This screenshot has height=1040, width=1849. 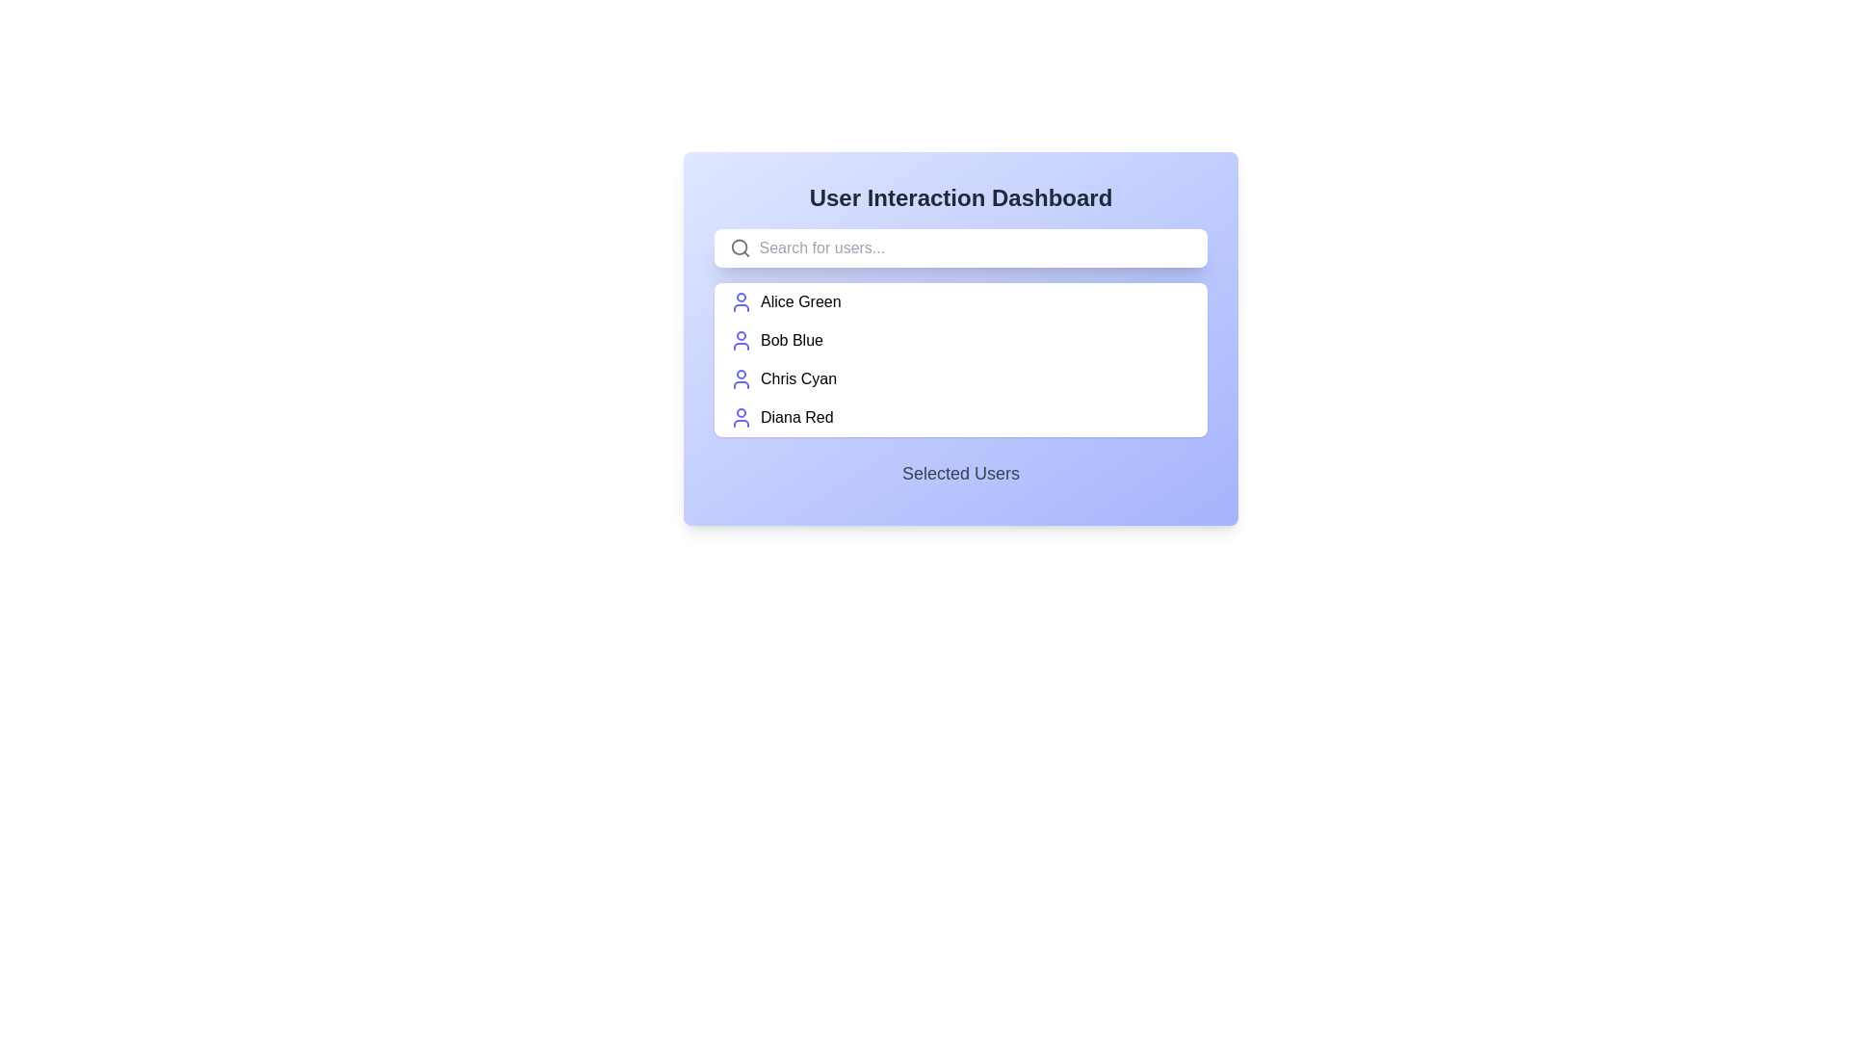 I want to click on the circle element of the magnifying glass icon within the search bar, which is styled with a gray stroke and has a width of 24 pixels, so click(x=739, y=247).